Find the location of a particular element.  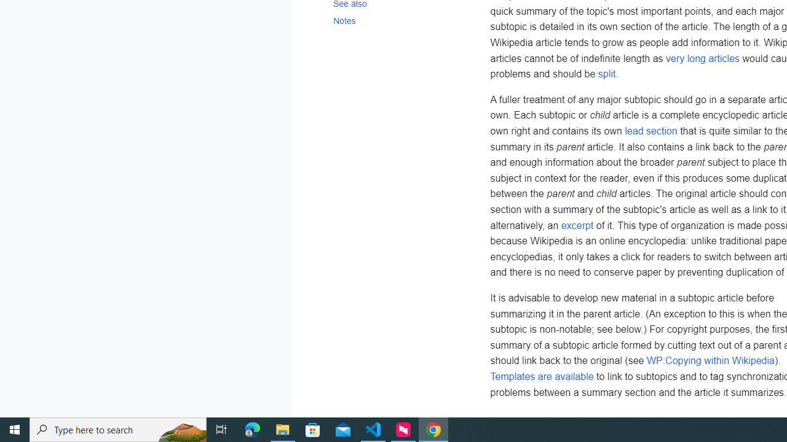

'excerpt' is located at coordinates (576, 225).